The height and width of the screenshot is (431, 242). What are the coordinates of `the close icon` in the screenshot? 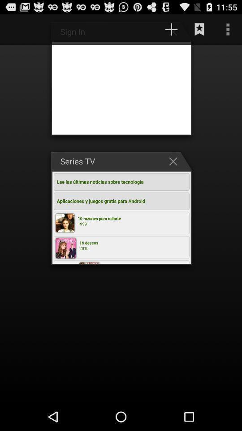 It's located at (175, 172).